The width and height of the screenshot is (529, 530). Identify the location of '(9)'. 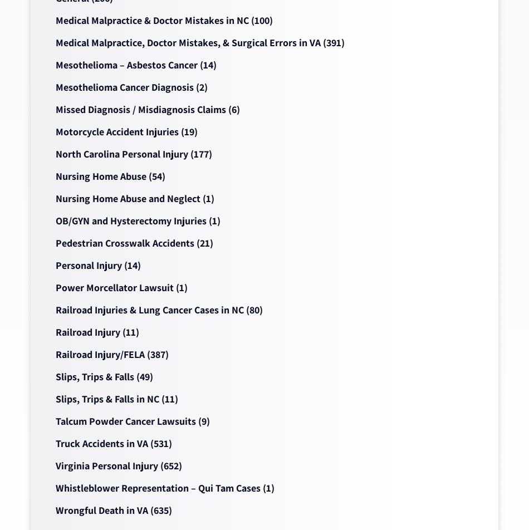
(202, 421).